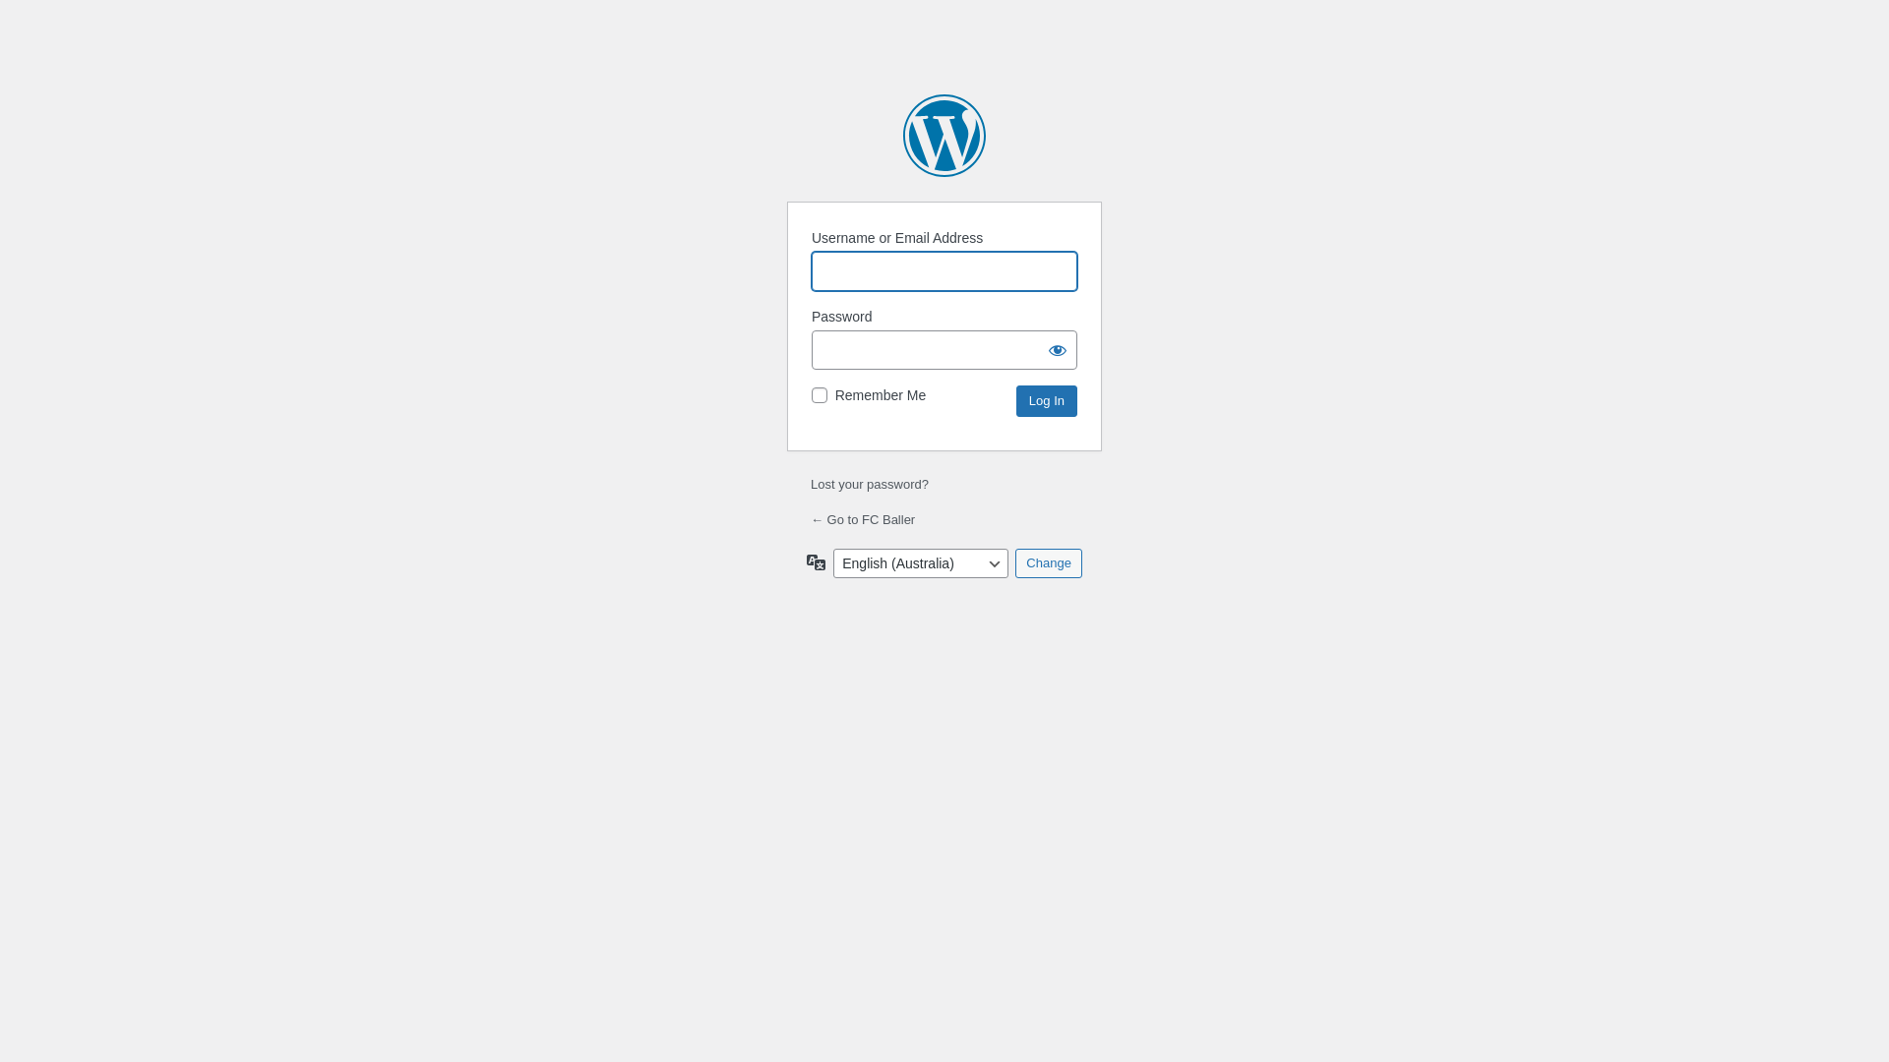  What do you see at coordinates (811, 484) in the screenshot?
I see `'Lost your password?'` at bounding box center [811, 484].